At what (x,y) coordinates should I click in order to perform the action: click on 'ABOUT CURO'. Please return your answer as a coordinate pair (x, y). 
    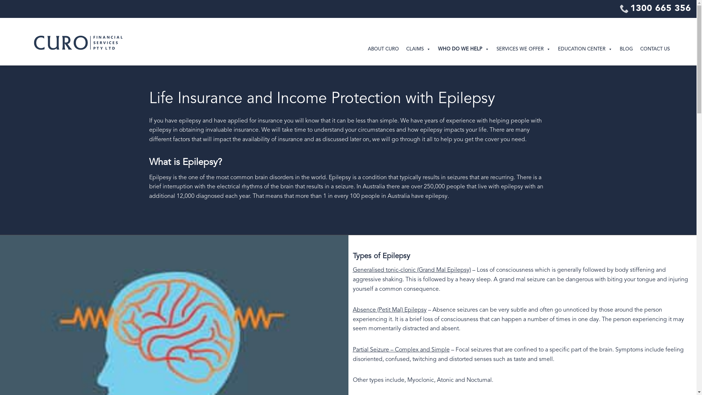
    Looking at the image, I should click on (364, 49).